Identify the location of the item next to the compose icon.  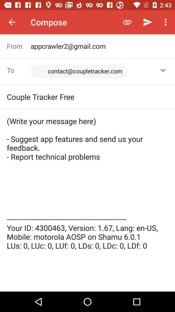
(12, 22).